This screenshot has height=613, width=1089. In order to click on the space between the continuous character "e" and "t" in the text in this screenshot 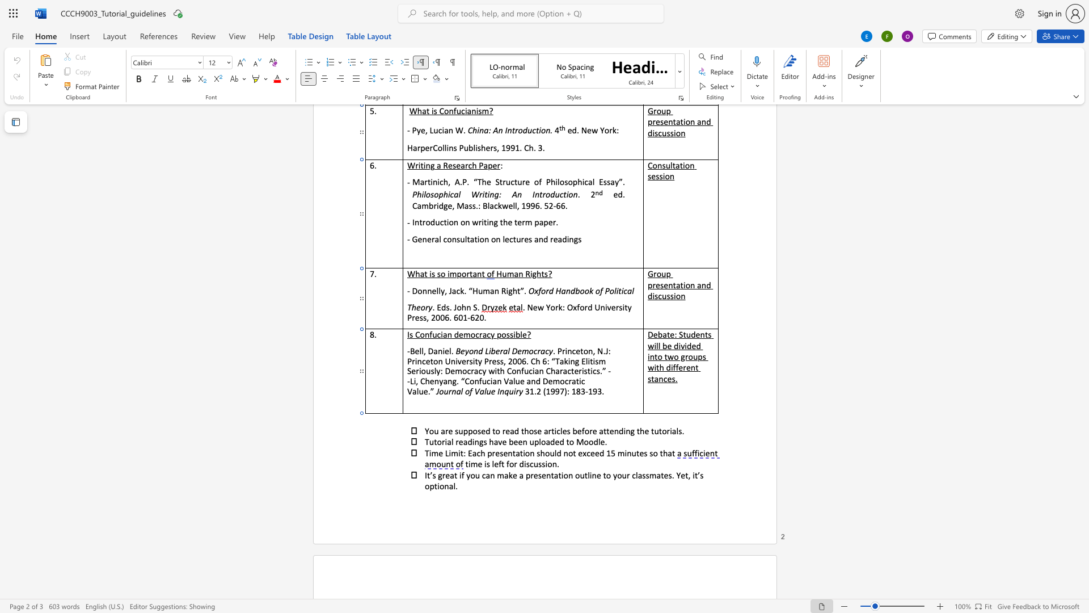, I will do `click(684, 475)`.